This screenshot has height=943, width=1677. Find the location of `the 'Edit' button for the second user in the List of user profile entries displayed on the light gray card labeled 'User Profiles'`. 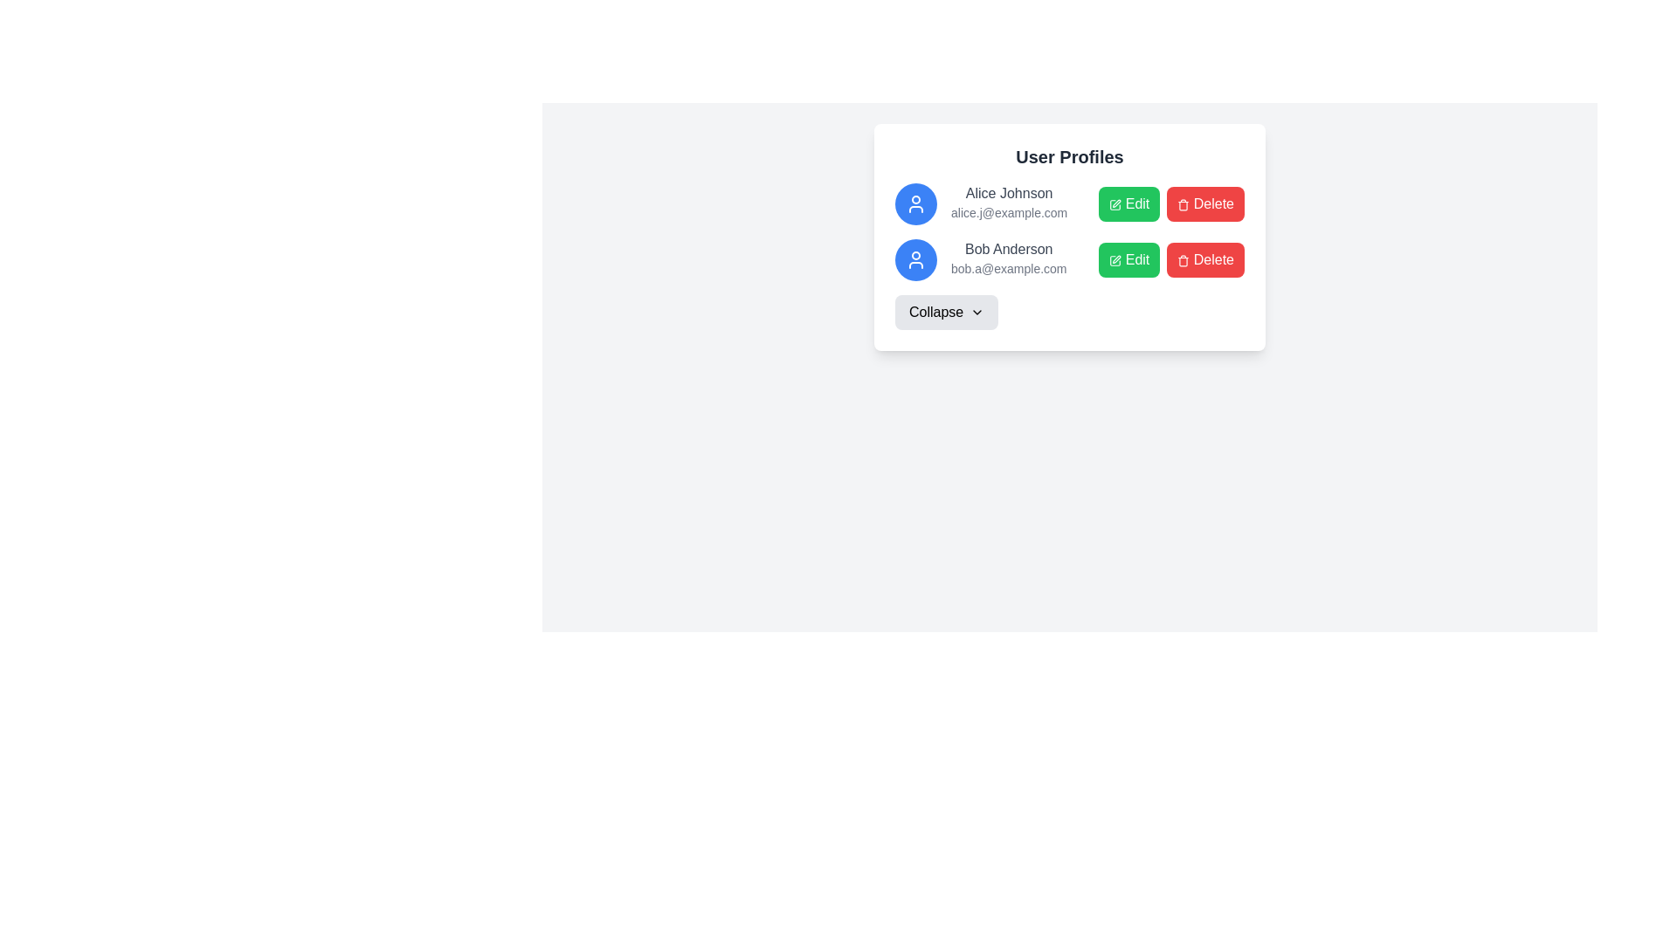

the 'Edit' button for the second user in the List of user profile entries displayed on the light gray card labeled 'User Profiles' is located at coordinates (1068, 231).